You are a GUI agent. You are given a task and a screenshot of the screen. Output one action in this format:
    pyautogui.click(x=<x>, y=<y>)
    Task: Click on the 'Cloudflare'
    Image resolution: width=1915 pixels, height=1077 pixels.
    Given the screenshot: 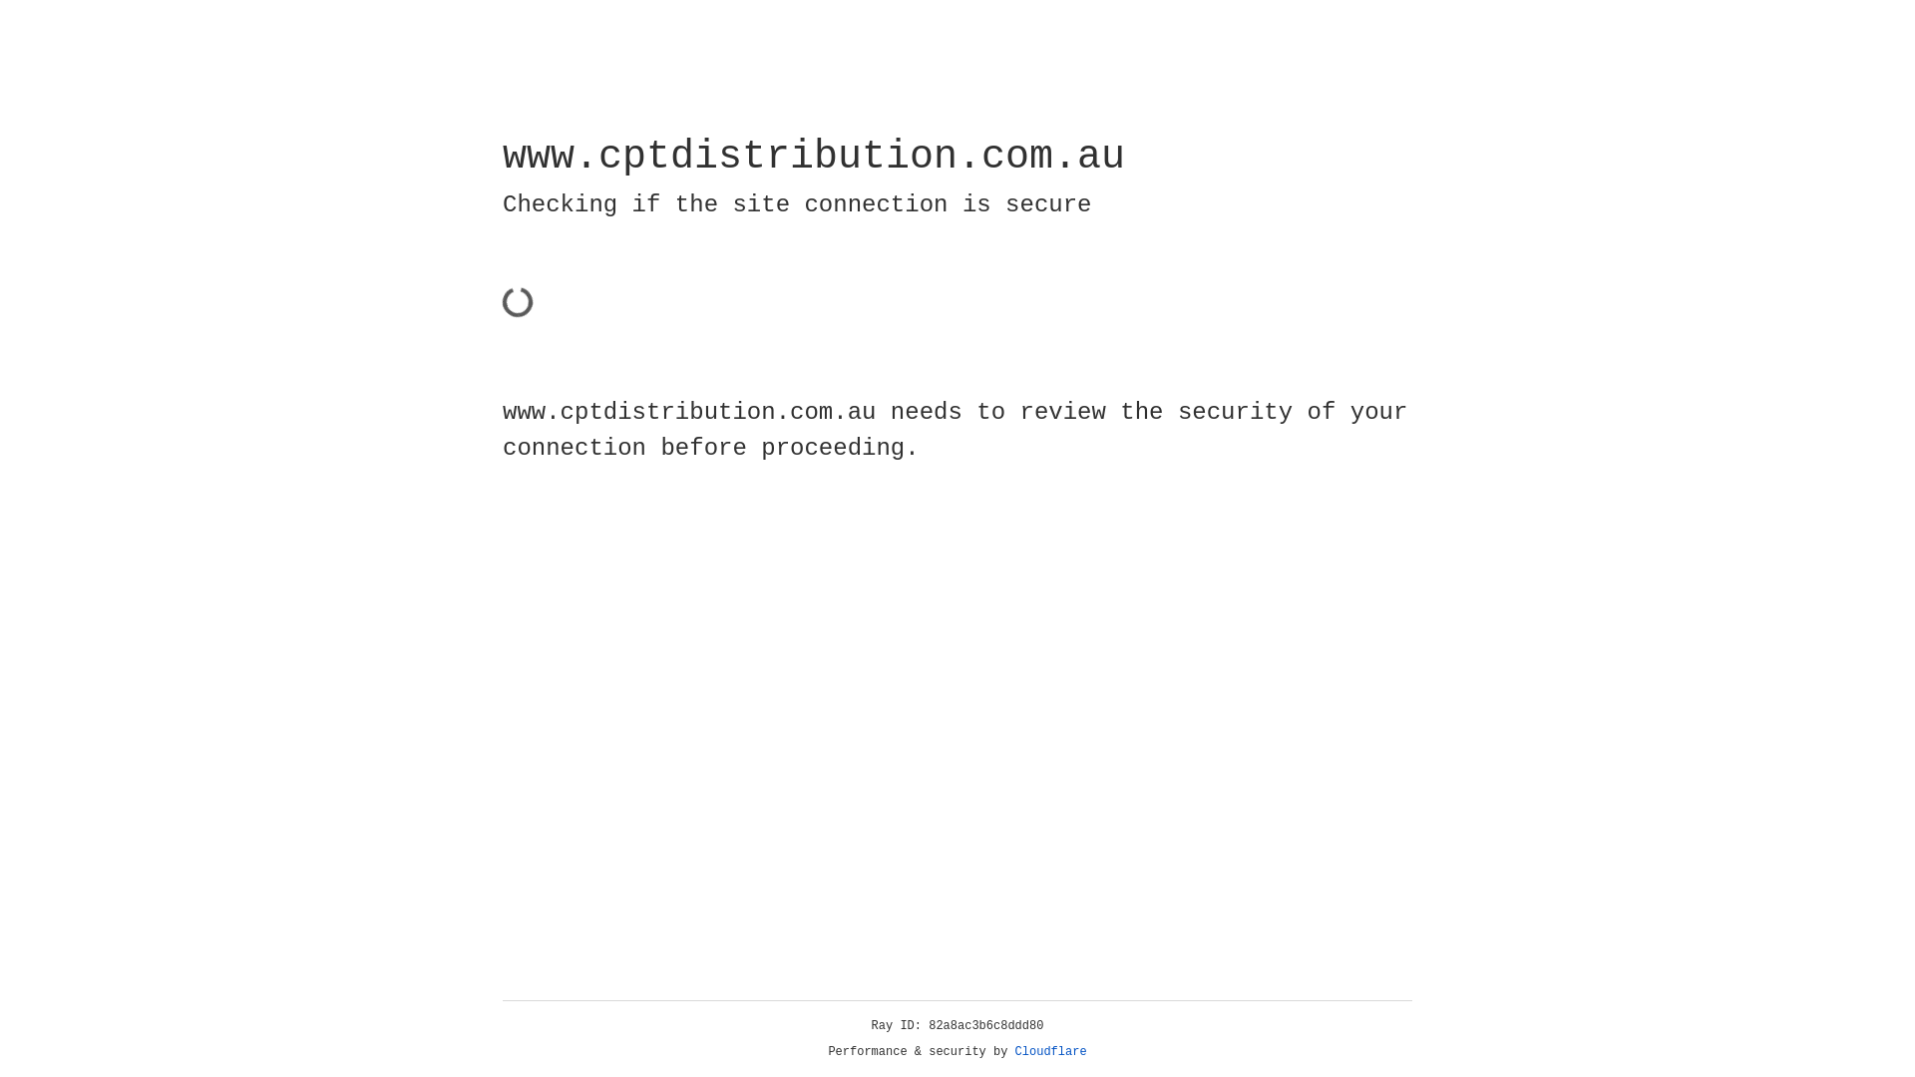 What is the action you would take?
    pyautogui.click(x=1050, y=1051)
    